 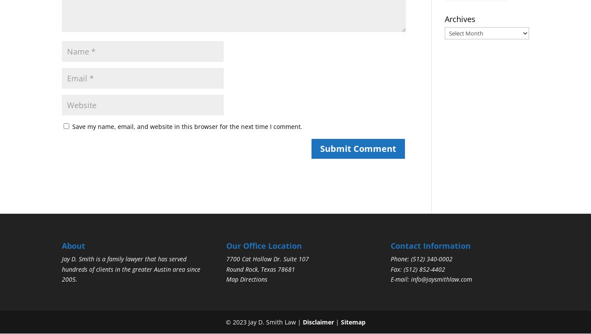 I want to click on 'About', so click(x=61, y=245).